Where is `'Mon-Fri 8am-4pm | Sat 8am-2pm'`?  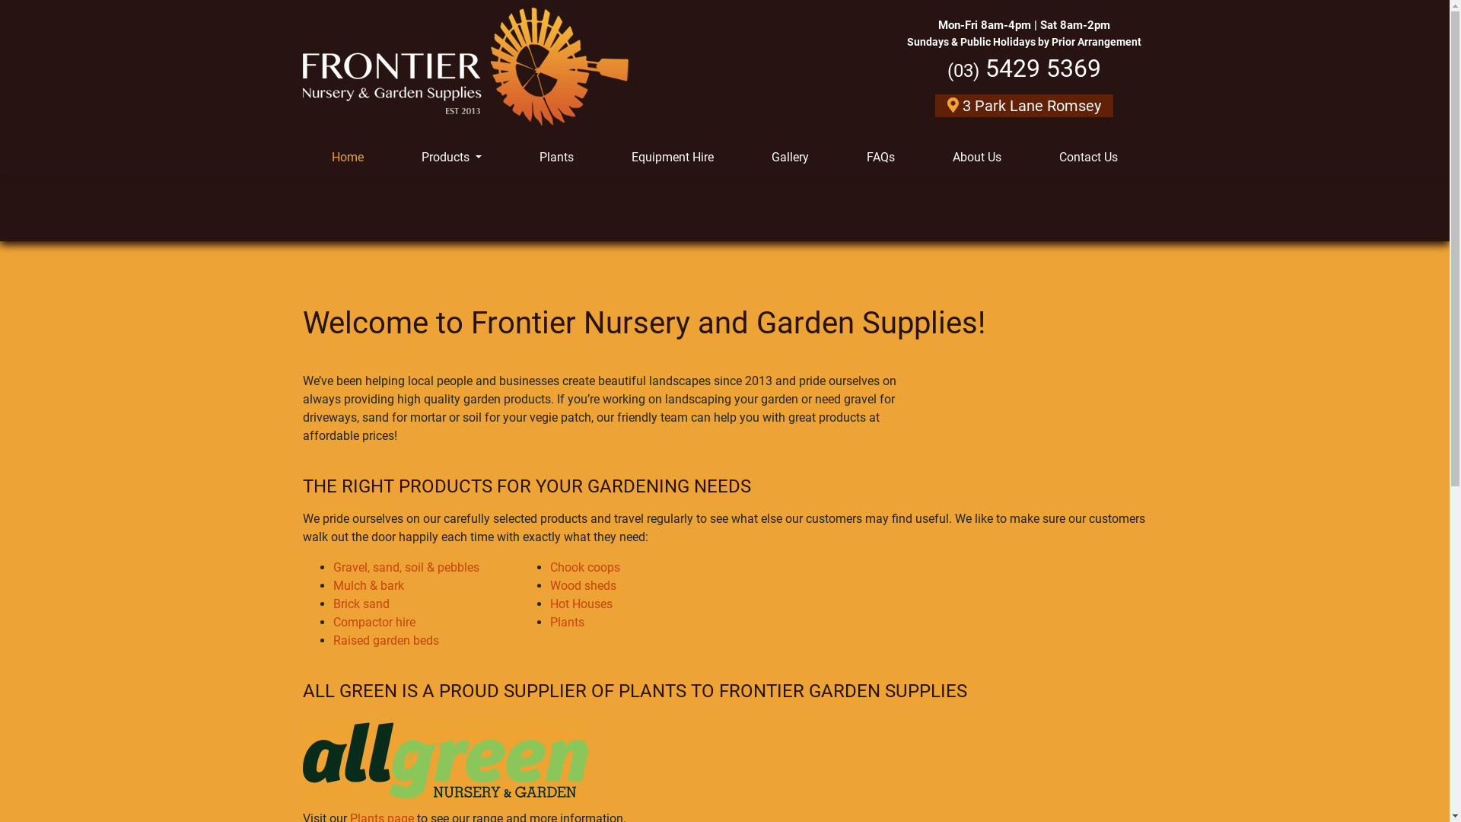 'Mon-Fri 8am-4pm | Sat 8am-2pm' is located at coordinates (1023, 25).